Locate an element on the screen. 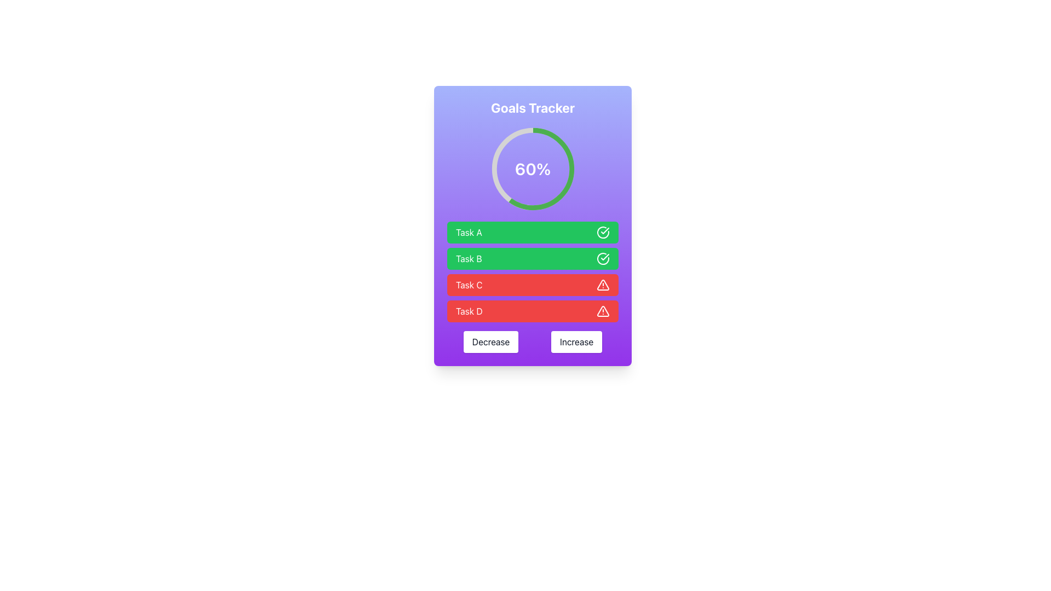 The height and width of the screenshot is (591, 1051). the Text Label displaying the current progress or status within the circular progress indicator, located at the center of the interface is located at coordinates (533, 169).